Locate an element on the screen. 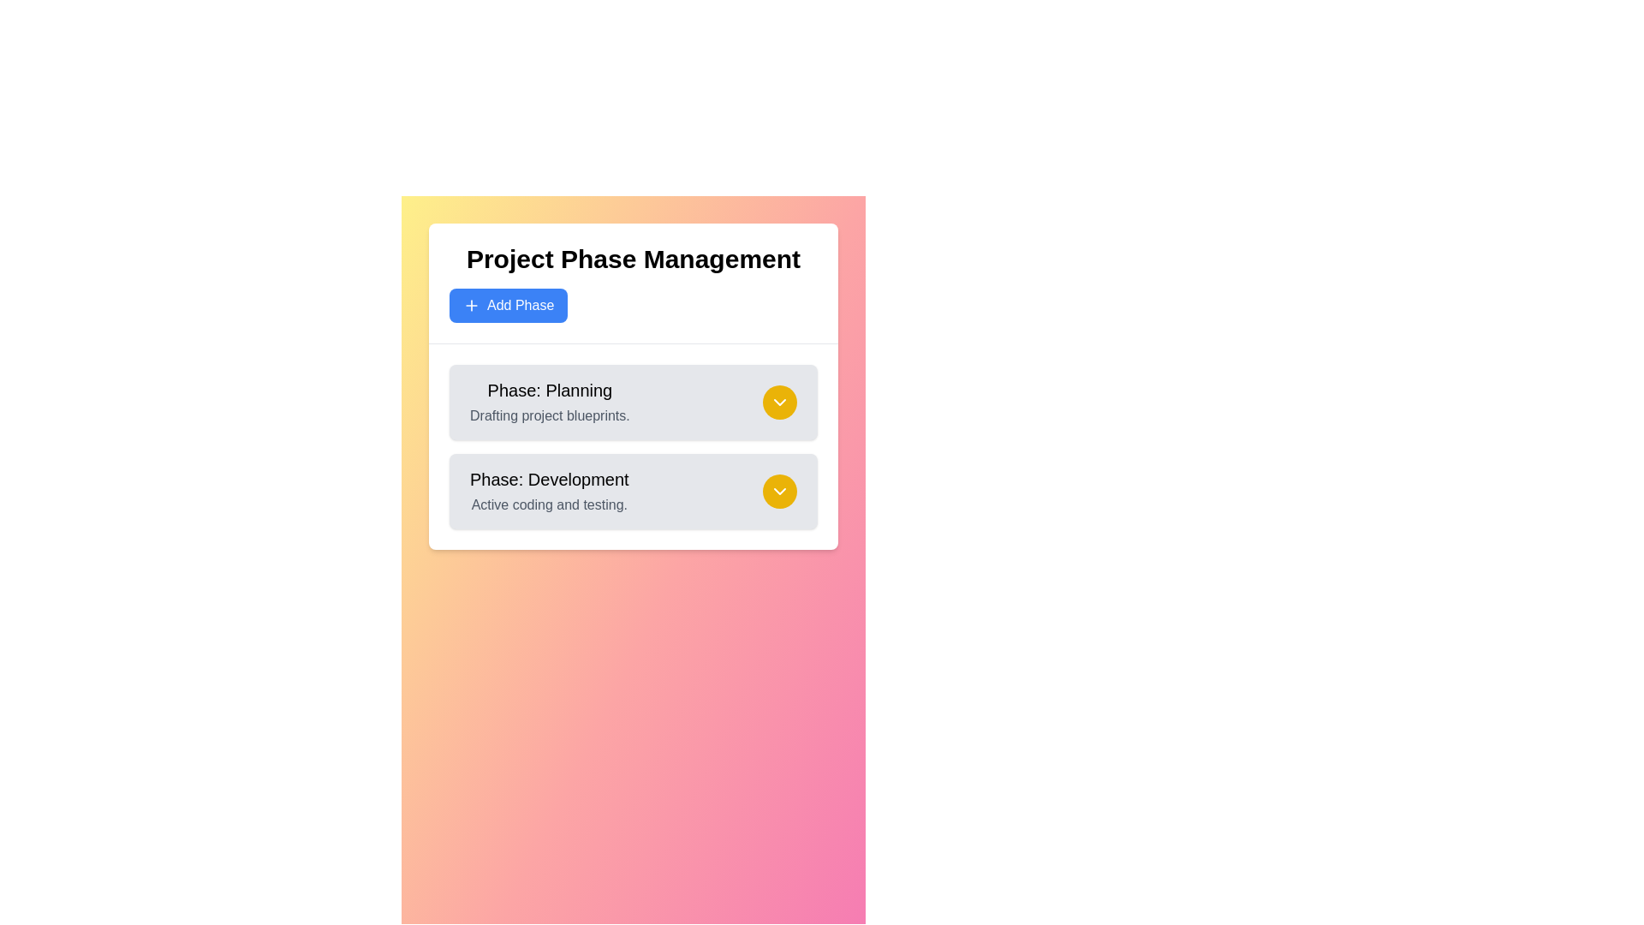 The height and width of the screenshot is (925, 1644). the dropdown button located to the far right of the 'Phase: Planning' item is located at coordinates (779, 403).